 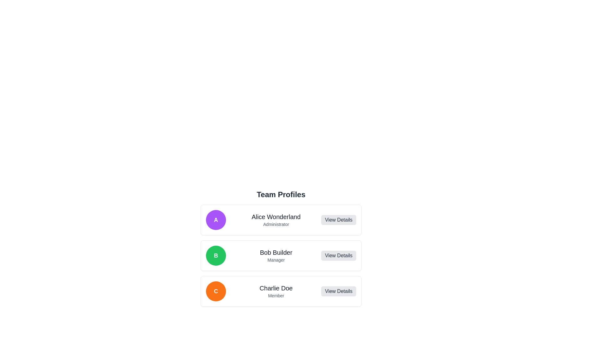 What do you see at coordinates (216, 291) in the screenshot?
I see `the Circular badge component representing the initial of the user's name 'Charlie Doe', located within the bottom-most profile card` at bounding box center [216, 291].